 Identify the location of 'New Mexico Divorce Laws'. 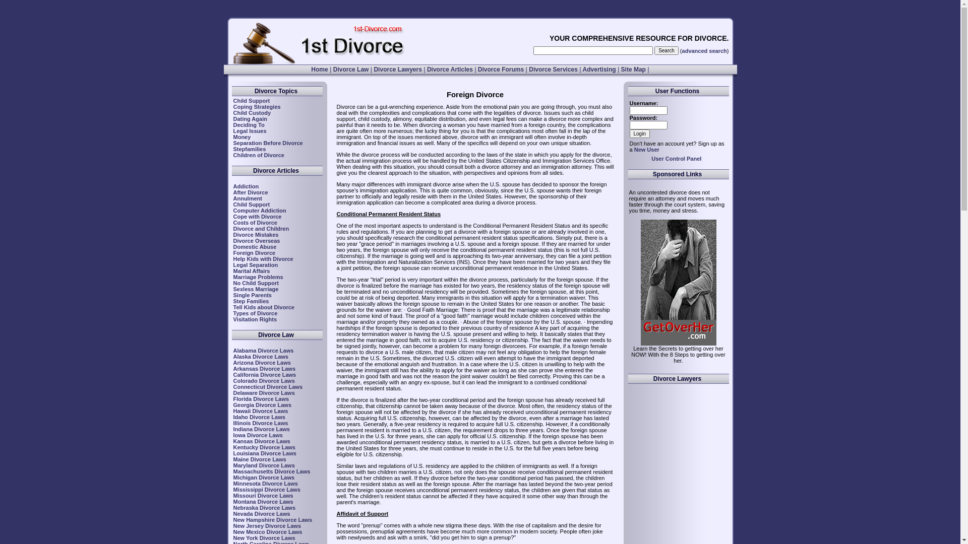
(267, 531).